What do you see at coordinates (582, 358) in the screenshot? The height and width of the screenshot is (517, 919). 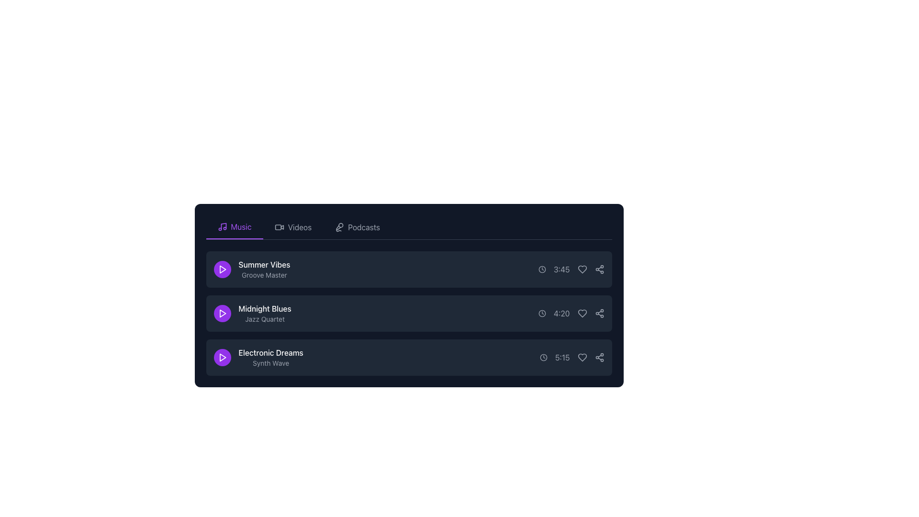 I see `the heart icon button located to the right of the duration text (5:15) in the 'Electronic Dreams' music track row` at bounding box center [582, 358].